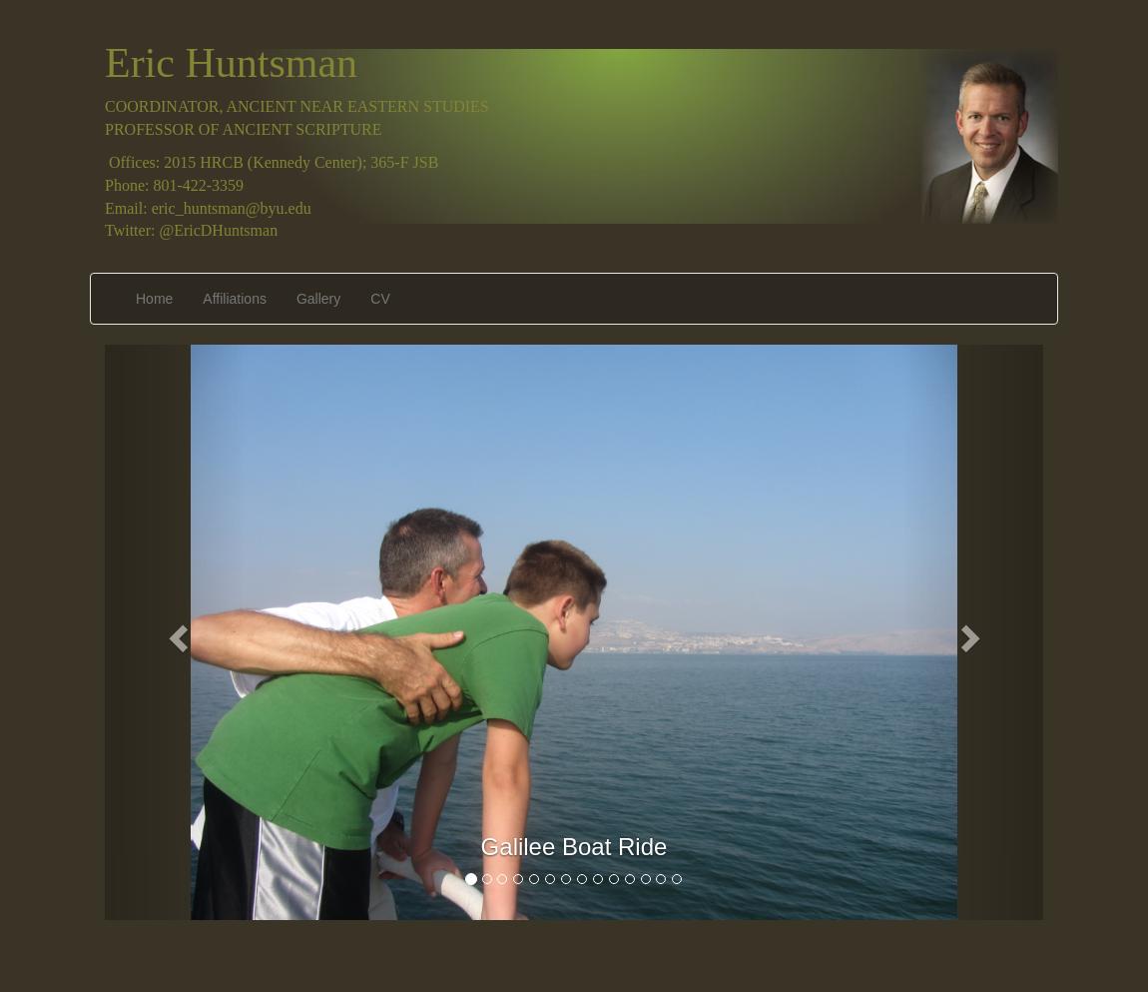 This screenshot has height=992, width=1148. I want to click on 'Eric Huntsman', so click(230, 62).